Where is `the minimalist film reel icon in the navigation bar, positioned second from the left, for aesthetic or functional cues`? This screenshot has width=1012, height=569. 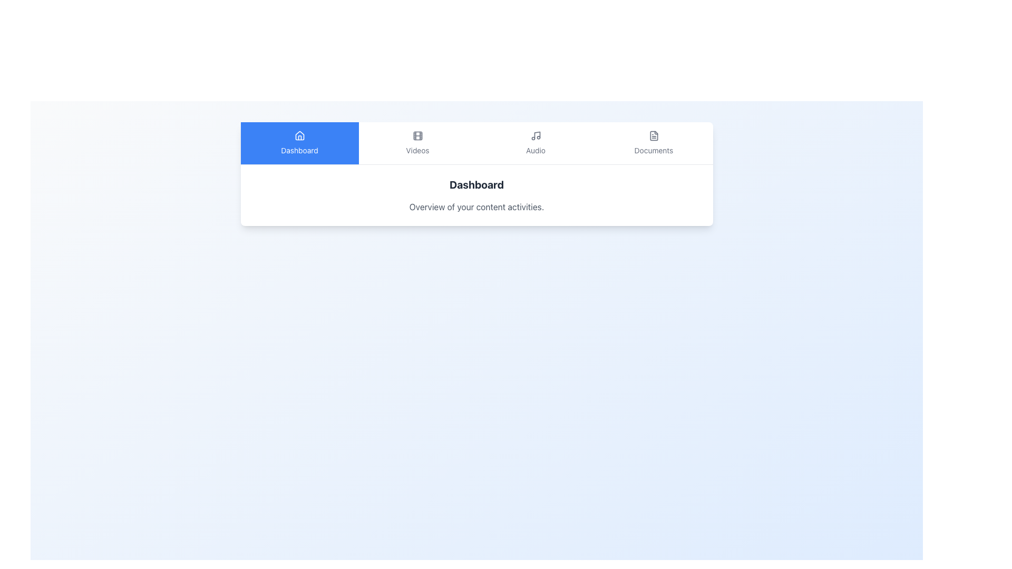
the minimalist film reel icon in the navigation bar, positioned second from the left, for aesthetic or functional cues is located at coordinates (417, 135).